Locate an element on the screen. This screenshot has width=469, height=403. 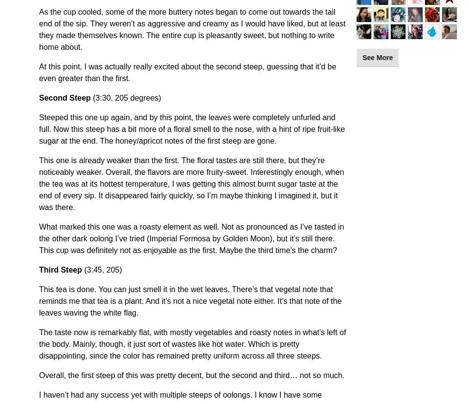
'As the cup cooled, some of the more buttery notes began to come out towards the tail end of the sip. They weren’t as aggressive and creamy as I would have liked, but at least they made themselves known. The entire cup is pleasantly sweet, but nothing to write home about.' is located at coordinates (192, 29).